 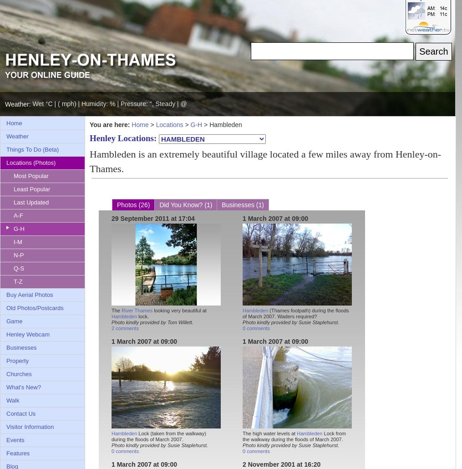 I want to click on 'Visitor Information', so click(x=6, y=427).